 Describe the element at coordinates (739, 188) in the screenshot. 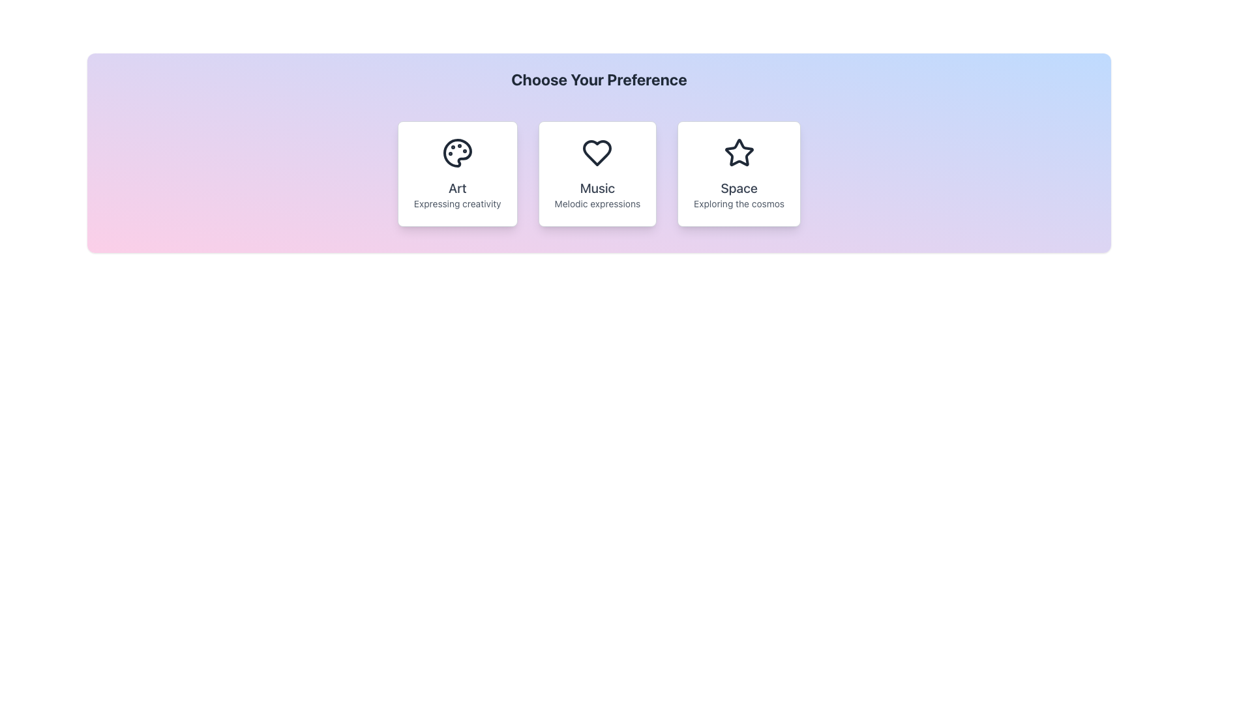

I see `the descriptive label that corresponds to the 'Space' category, located above the text 'Exploring the cosmos' in the first card of a horizontally aligned group of three cards` at that location.